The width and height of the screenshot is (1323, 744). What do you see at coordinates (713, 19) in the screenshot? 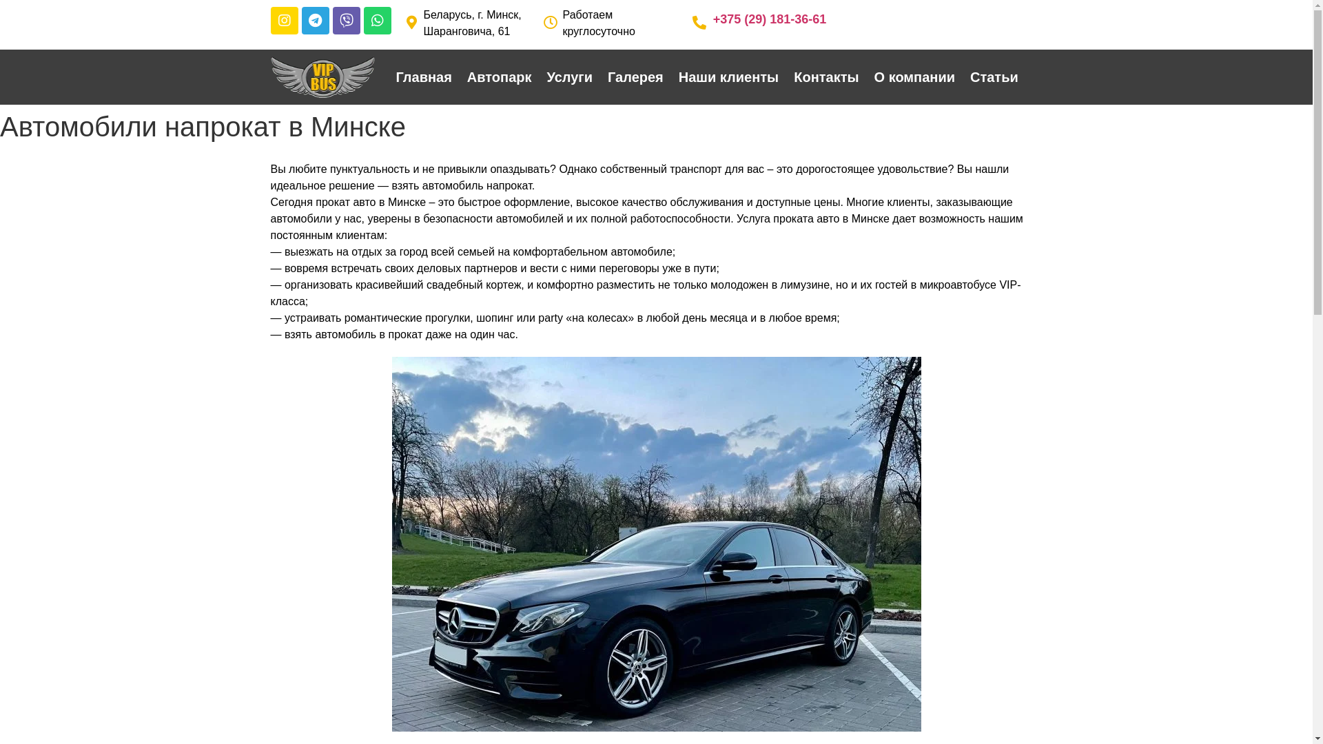
I see `'+375 (29) 181-36-61'` at bounding box center [713, 19].